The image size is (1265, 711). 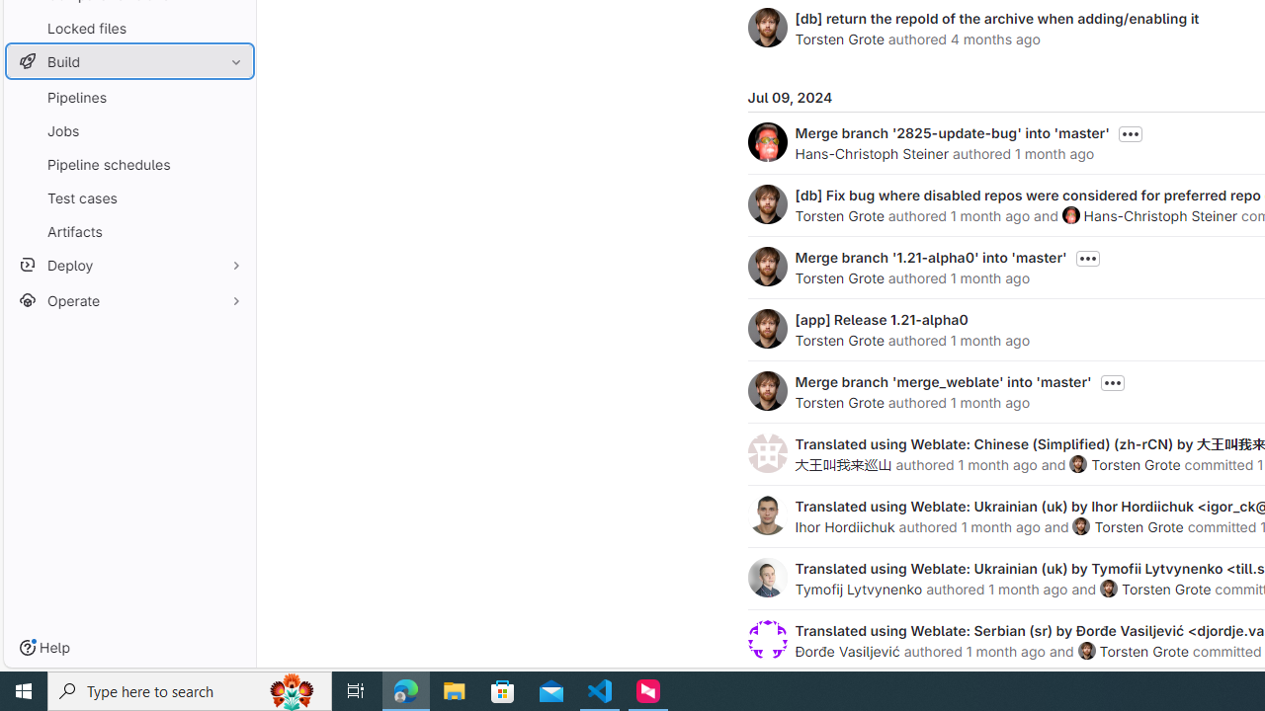 I want to click on 'Merge branch ', so click(x=930, y=256).